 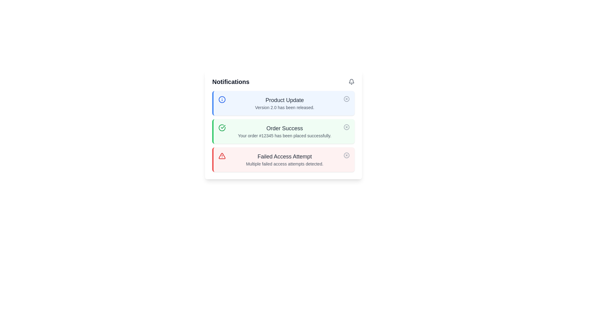 What do you see at coordinates (284, 159) in the screenshot?
I see `notification card titled 'Failed Access Attempt' which indicates multiple failed access attempts detected, positioned as the third card in the notification panel` at bounding box center [284, 159].